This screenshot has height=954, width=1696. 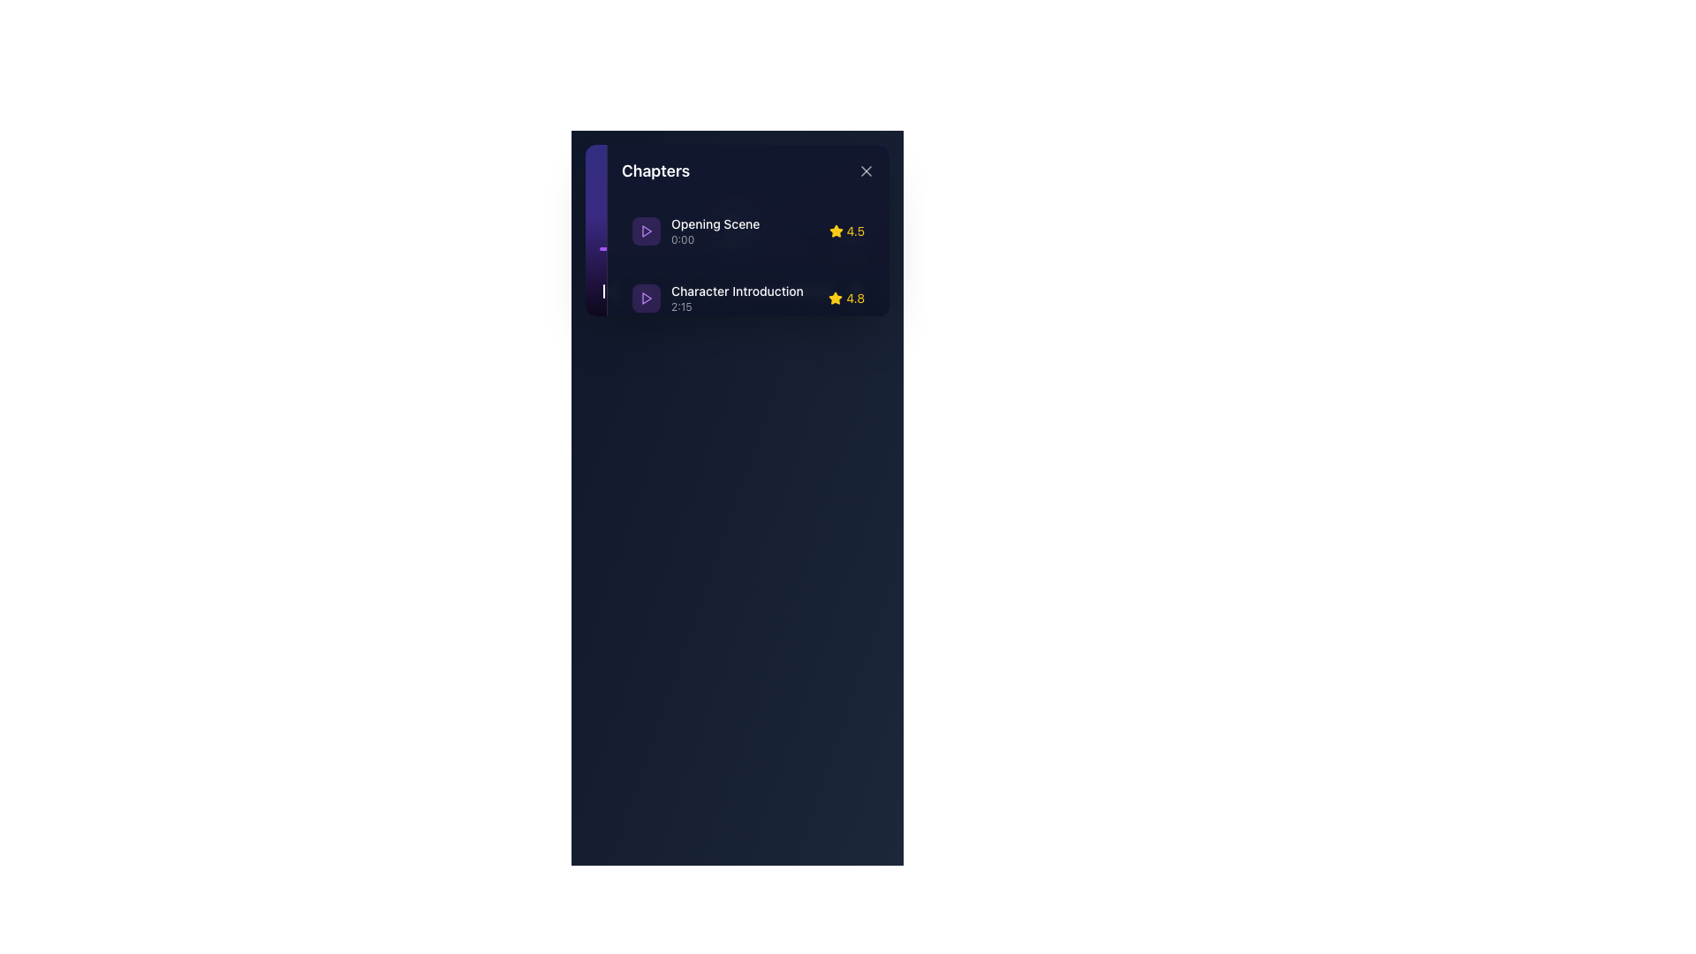 I want to click on the chapter entry label titled 'Character Introduction' with its timestamp, so click(x=738, y=298).